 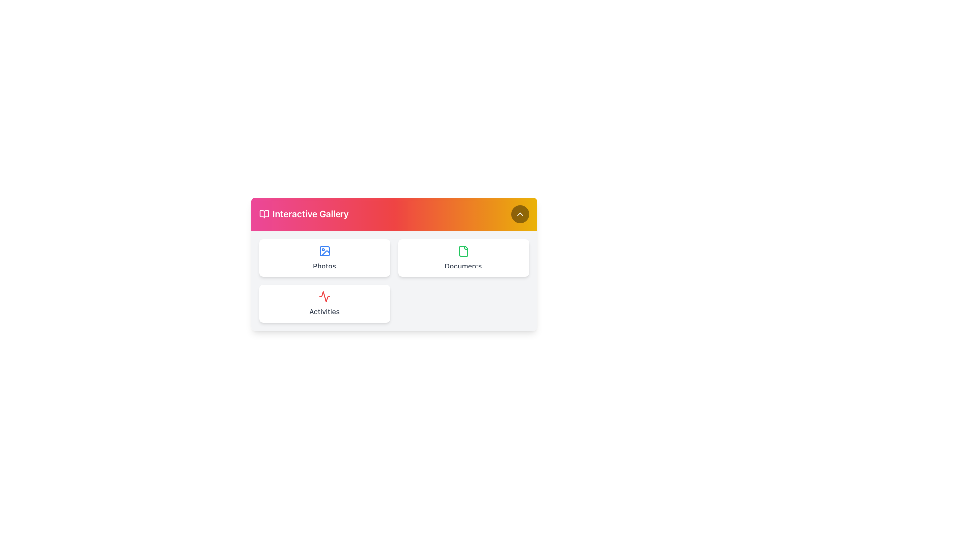 I want to click on the blue picture icon located in the 'Photos' card, which features a rectangle with a circle in the top-left corner and a diagonal line across it, so click(x=324, y=250).